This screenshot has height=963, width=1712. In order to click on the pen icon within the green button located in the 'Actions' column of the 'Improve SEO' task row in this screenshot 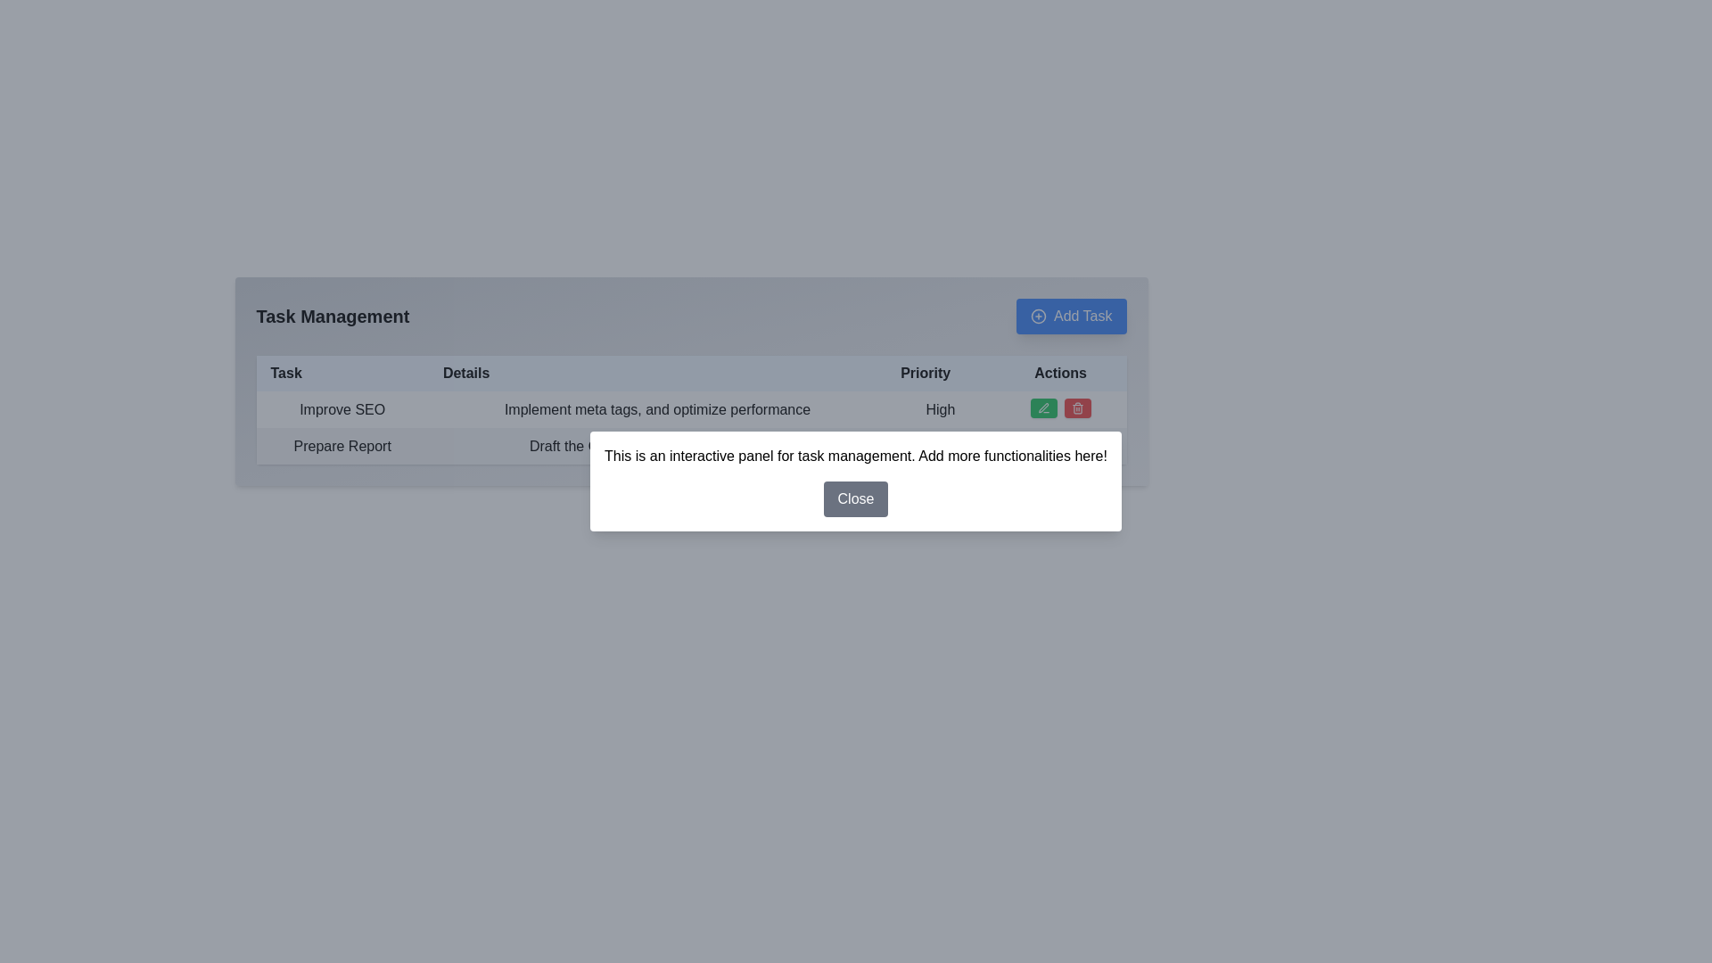, I will do `click(1043, 408)`.